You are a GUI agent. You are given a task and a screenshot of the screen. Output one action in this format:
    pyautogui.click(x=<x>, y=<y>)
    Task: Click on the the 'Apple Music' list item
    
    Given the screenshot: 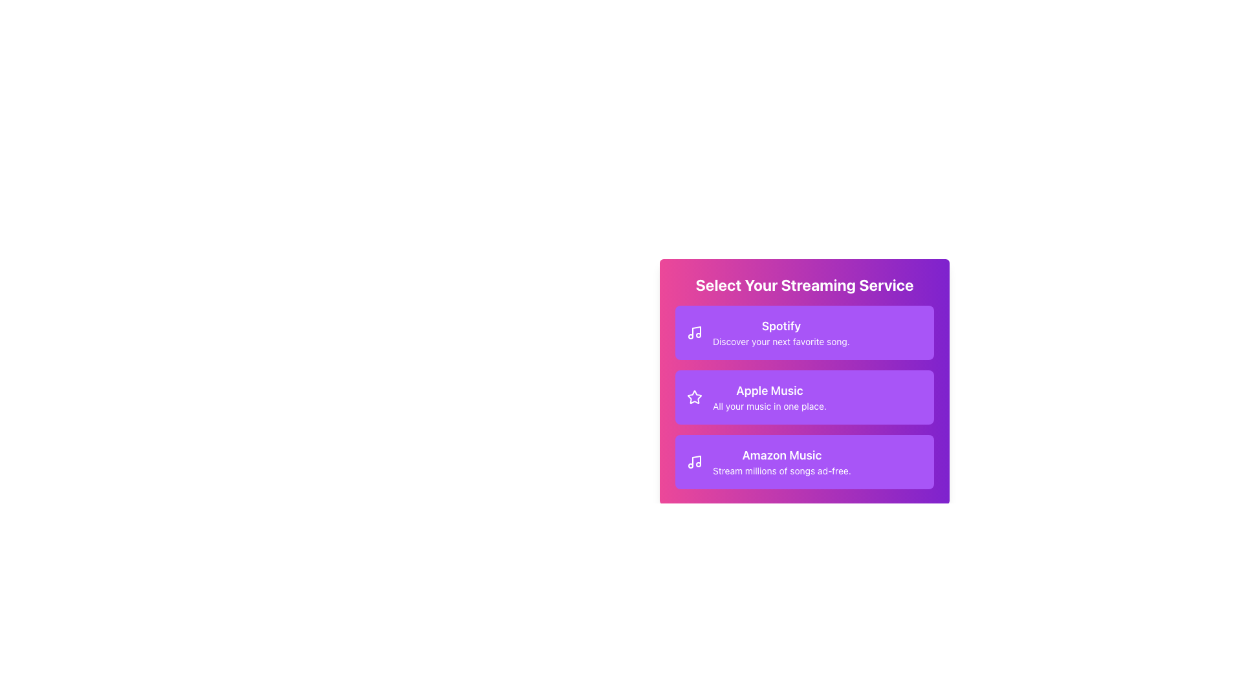 What is the action you would take?
    pyautogui.click(x=770, y=396)
    